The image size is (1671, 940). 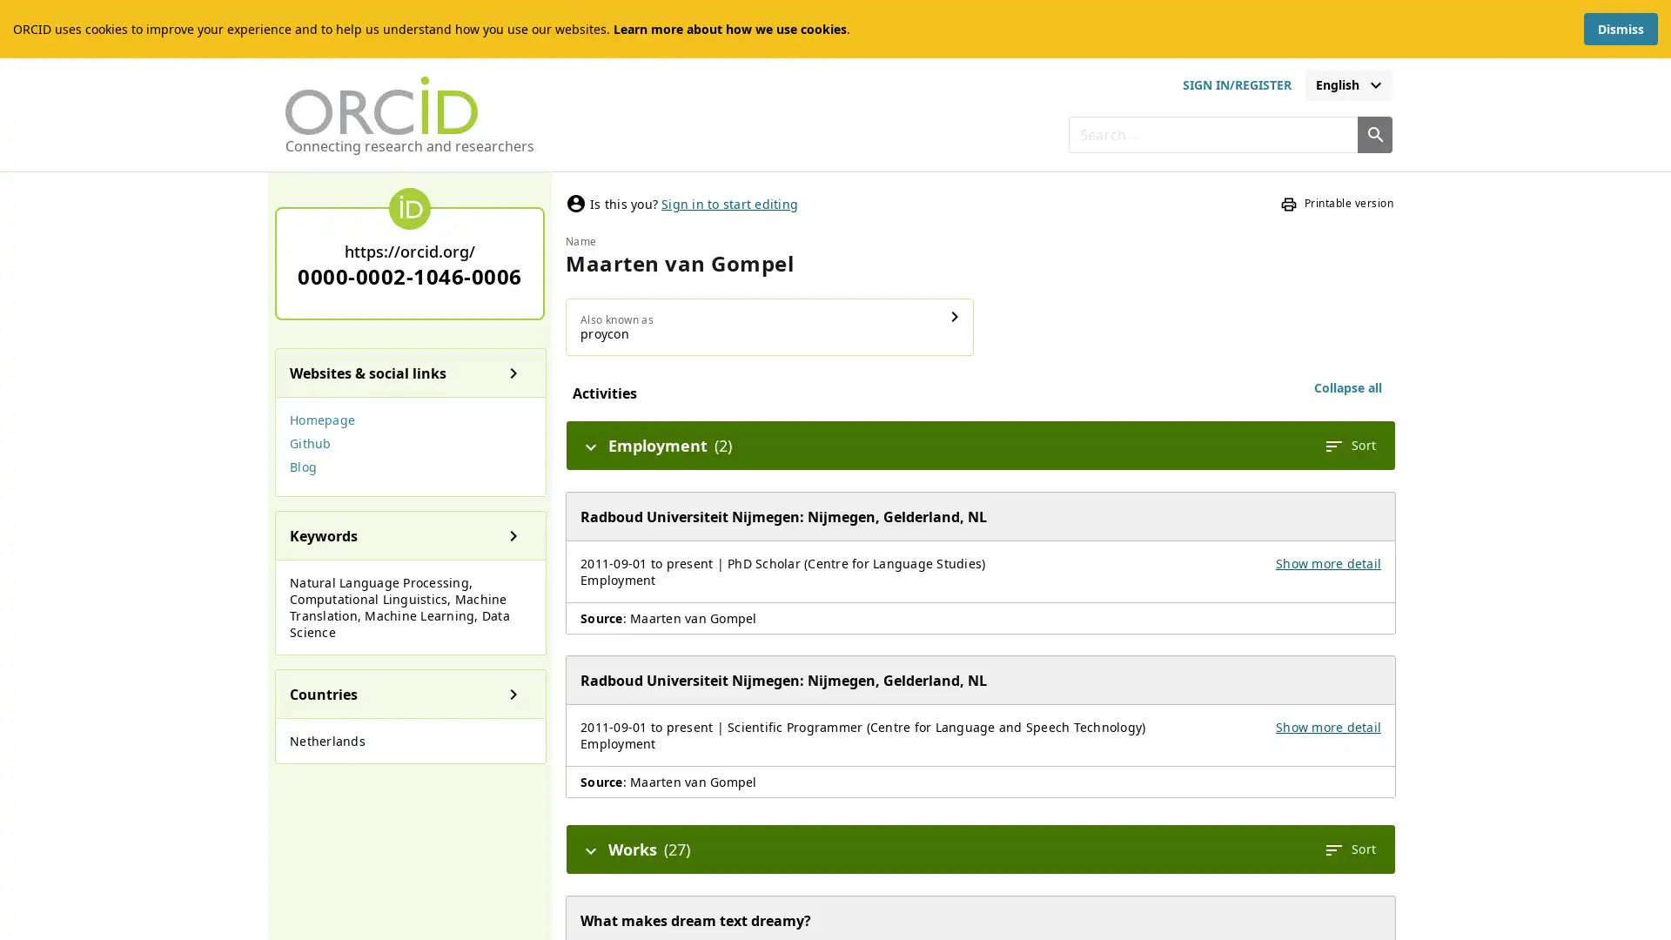 What do you see at coordinates (1373, 133) in the screenshot?
I see `Search` at bounding box center [1373, 133].